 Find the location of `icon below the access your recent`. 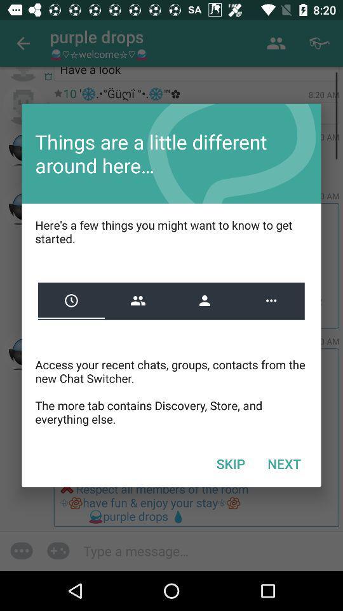

icon below the access your recent is located at coordinates (230, 463).